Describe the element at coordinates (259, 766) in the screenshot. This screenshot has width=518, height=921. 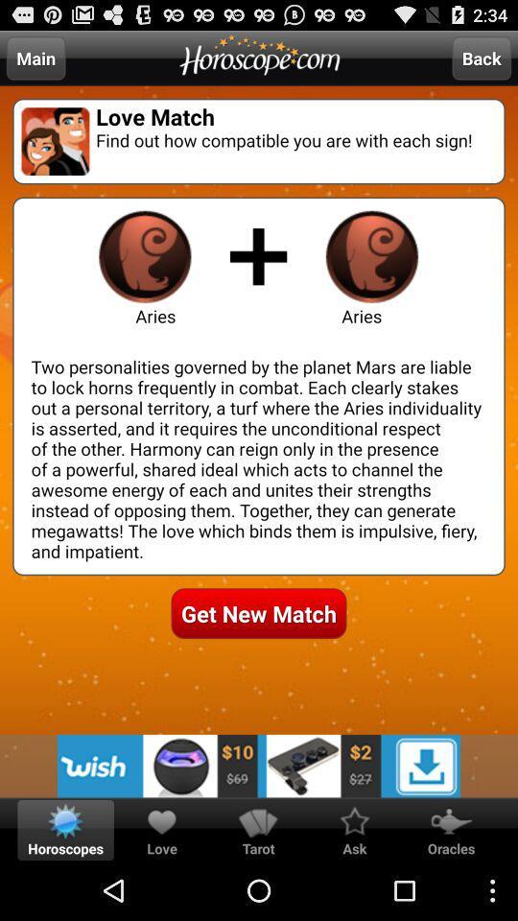
I see `adversement` at that location.